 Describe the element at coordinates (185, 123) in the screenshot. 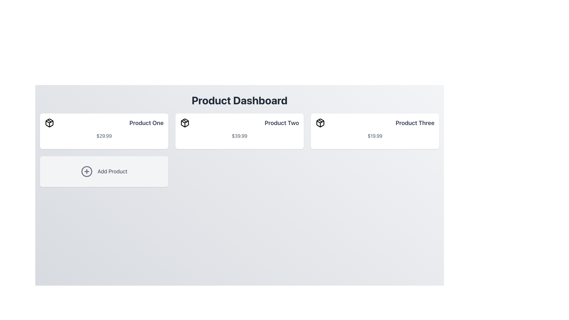

I see `the black package icon with geometric linework located in the top-left corner of the 'Product Two' card` at that location.